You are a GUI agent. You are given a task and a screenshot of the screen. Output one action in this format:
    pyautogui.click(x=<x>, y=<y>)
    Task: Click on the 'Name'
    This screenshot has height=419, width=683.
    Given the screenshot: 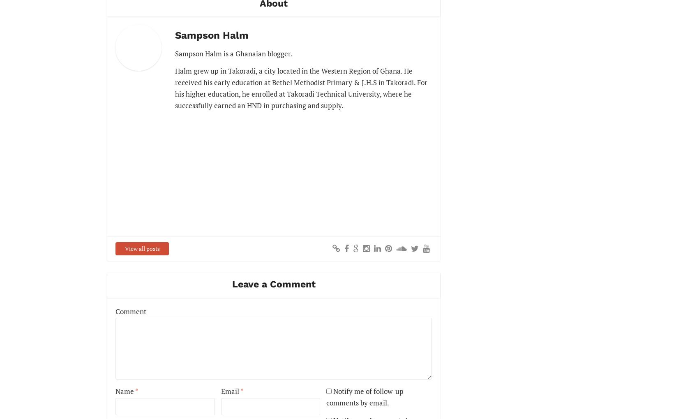 What is the action you would take?
    pyautogui.click(x=115, y=391)
    